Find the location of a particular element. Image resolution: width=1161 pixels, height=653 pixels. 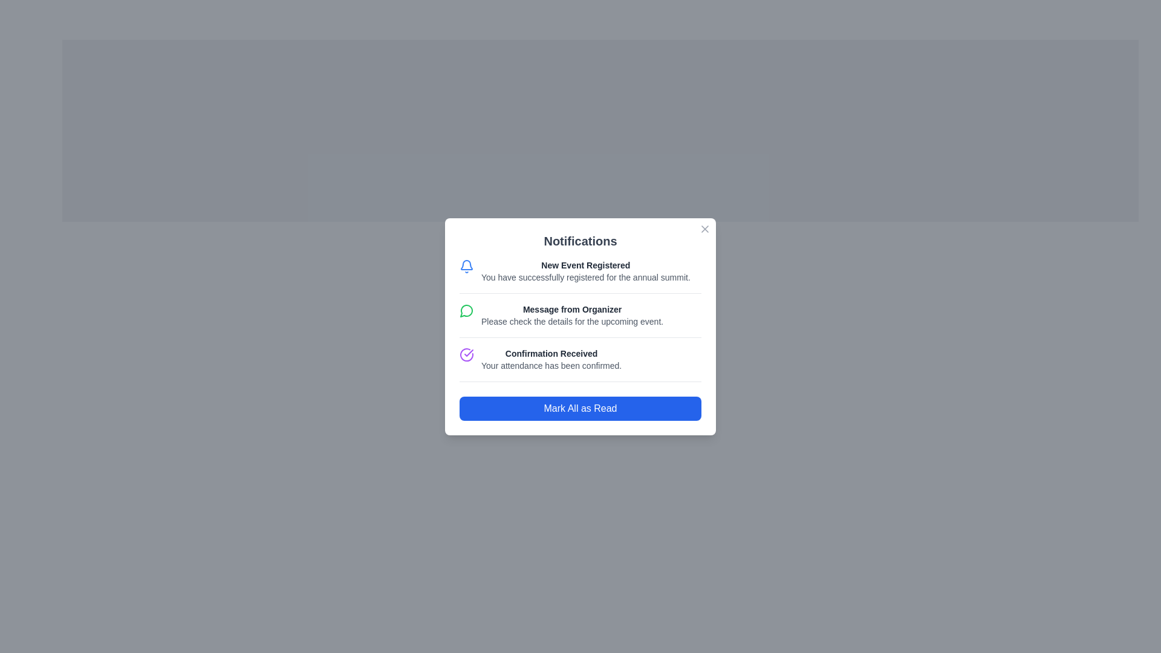

the 'Mark All as Read' button located at the bottom of the notification modal dialog to mark notifications as read is located at coordinates (580, 408).